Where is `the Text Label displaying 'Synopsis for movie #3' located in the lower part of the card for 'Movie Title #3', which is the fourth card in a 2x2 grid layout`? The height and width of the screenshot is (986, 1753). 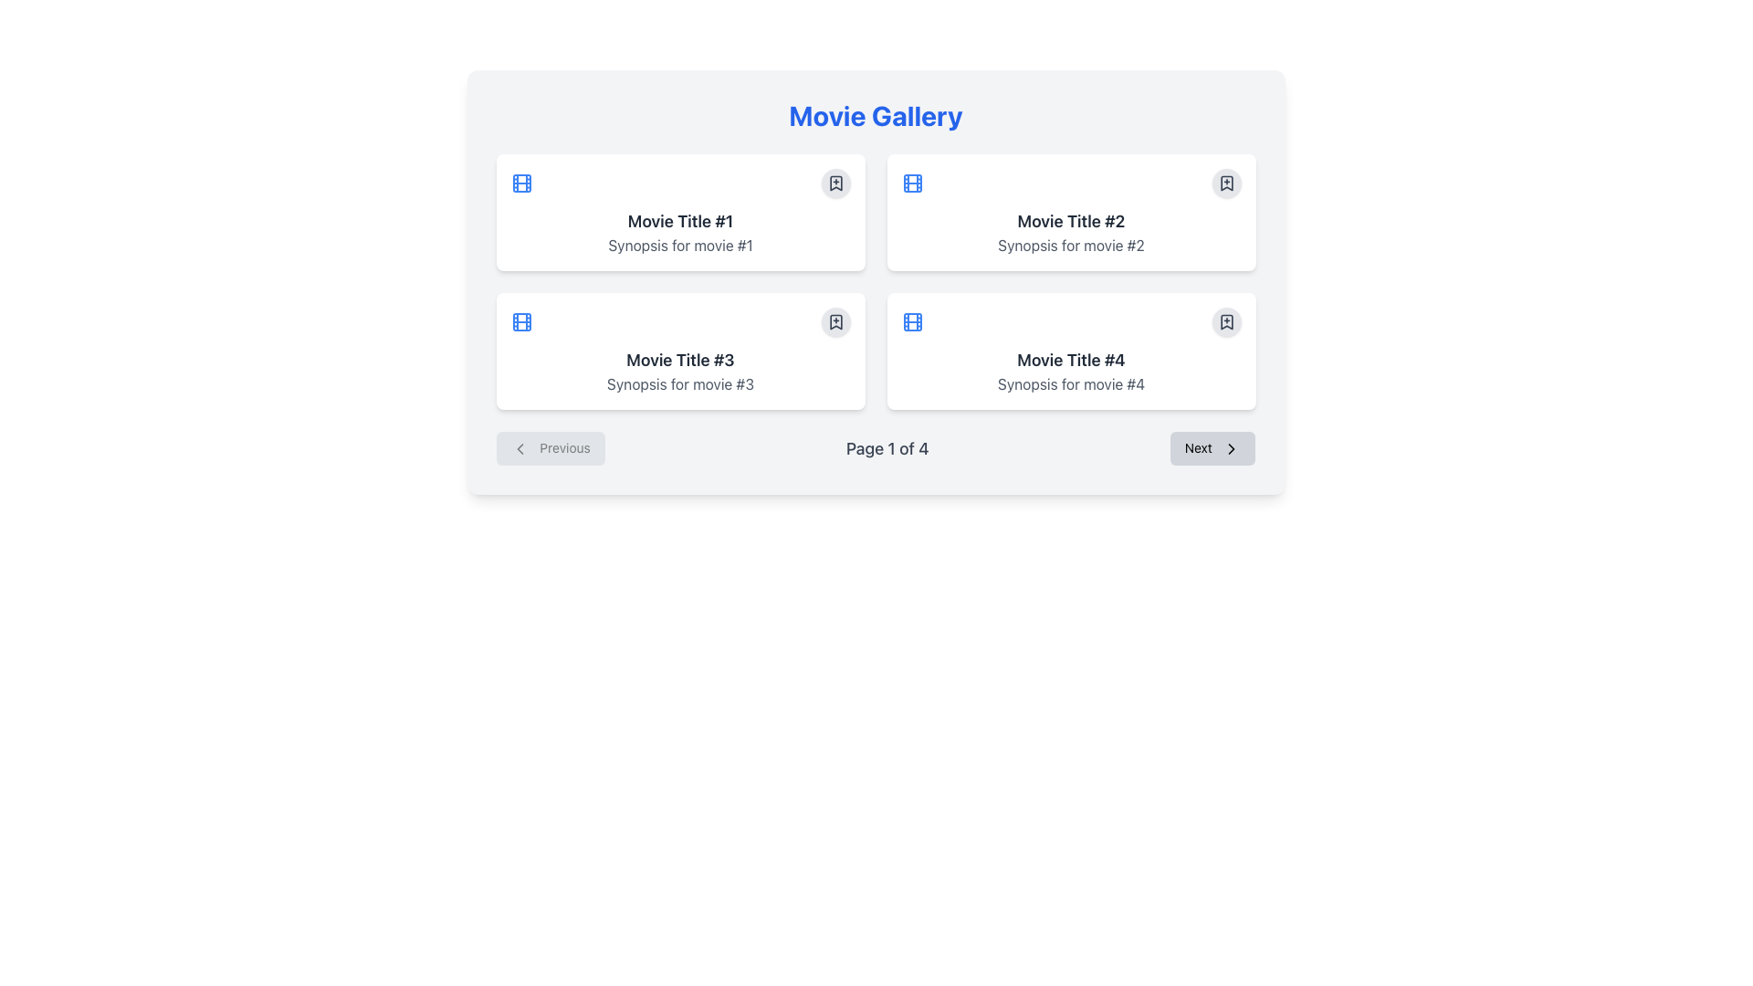 the Text Label displaying 'Synopsis for movie #3' located in the lower part of the card for 'Movie Title #3', which is the fourth card in a 2x2 grid layout is located at coordinates (679, 383).